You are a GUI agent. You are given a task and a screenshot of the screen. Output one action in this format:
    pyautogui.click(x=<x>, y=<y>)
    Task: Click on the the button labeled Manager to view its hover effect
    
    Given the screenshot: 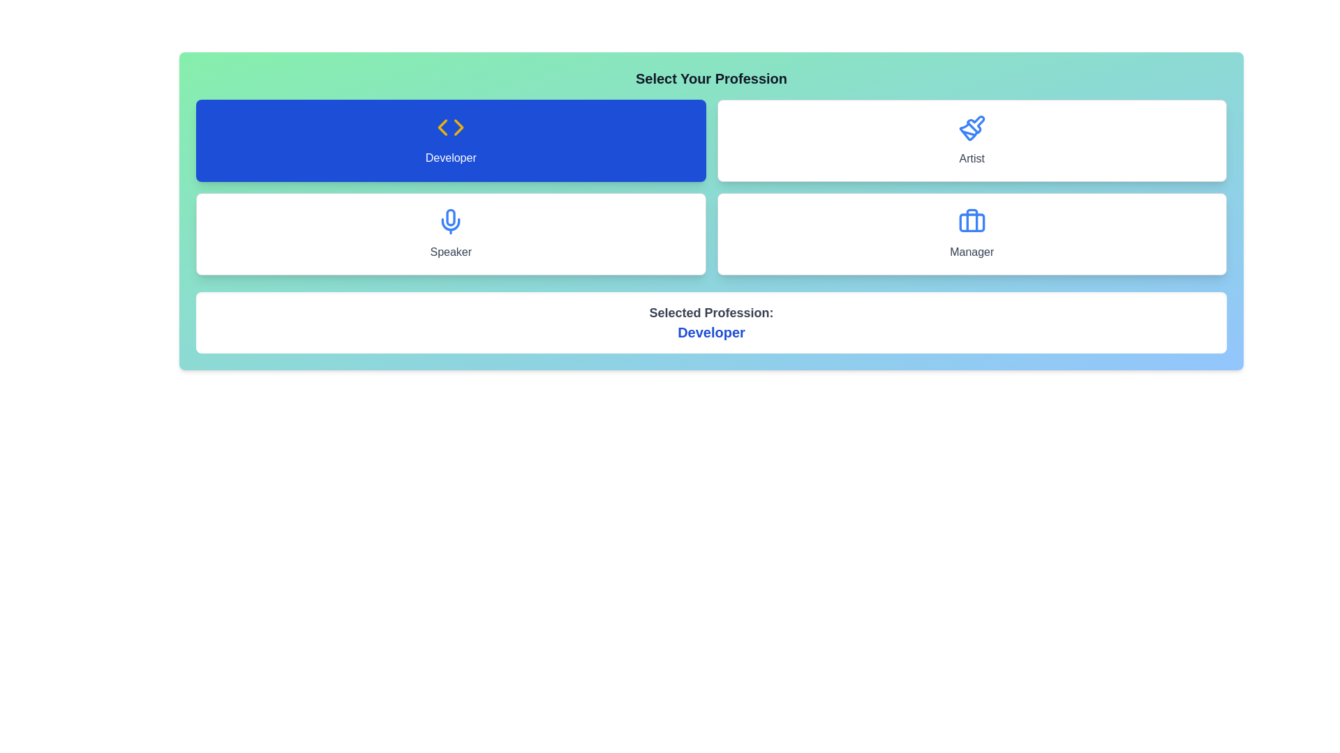 What is the action you would take?
    pyautogui.click(x=971, y=233)
    